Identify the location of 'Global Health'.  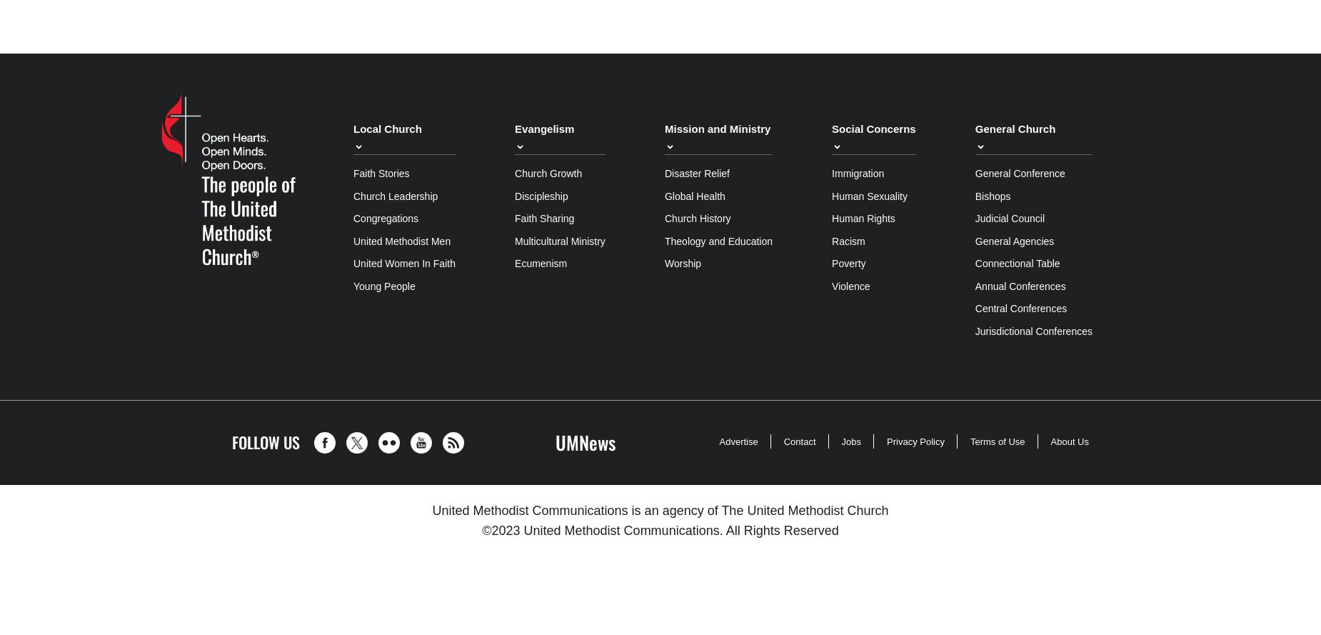
(693, 195).